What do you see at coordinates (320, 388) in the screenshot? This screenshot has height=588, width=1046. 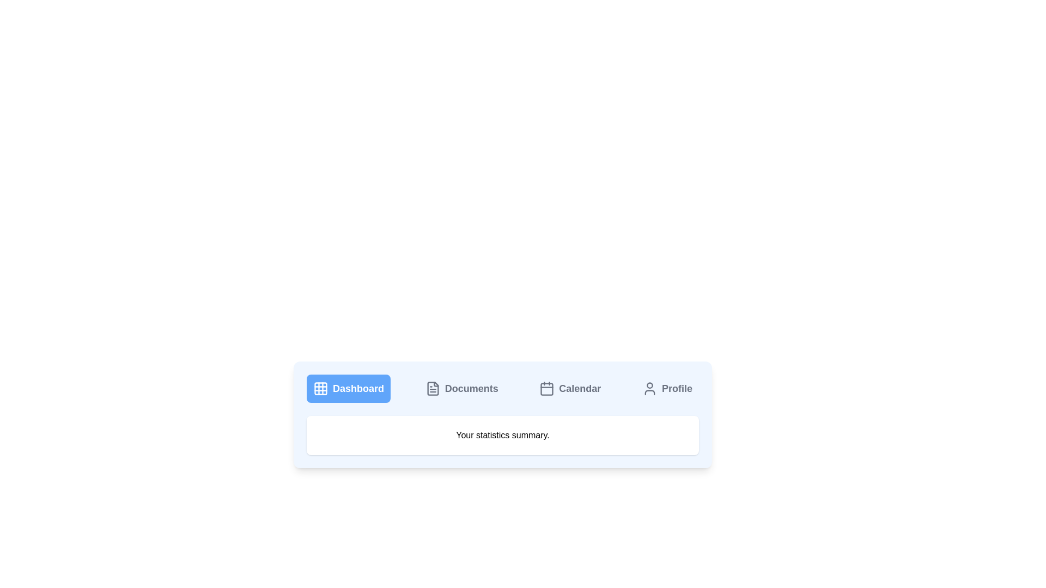 I see `the Grid Item located in the top-left corner of the grid layout` at bounding box center [320, 388].